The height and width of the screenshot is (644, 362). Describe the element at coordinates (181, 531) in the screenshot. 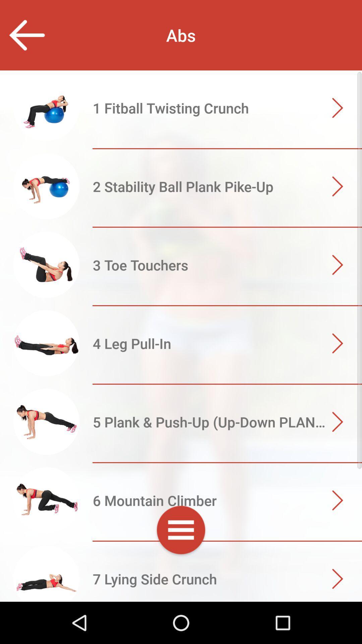

I see `more options` at that location.